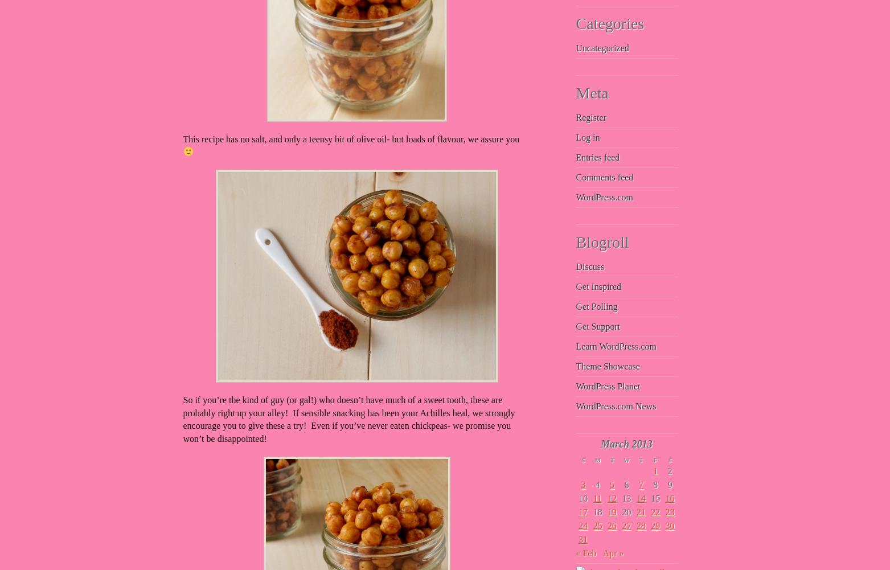 The image size is (890, 570). What do you see at coordinates (654, 484) in the screenshot?
I see `'8'` at bounding box center [654, 484].